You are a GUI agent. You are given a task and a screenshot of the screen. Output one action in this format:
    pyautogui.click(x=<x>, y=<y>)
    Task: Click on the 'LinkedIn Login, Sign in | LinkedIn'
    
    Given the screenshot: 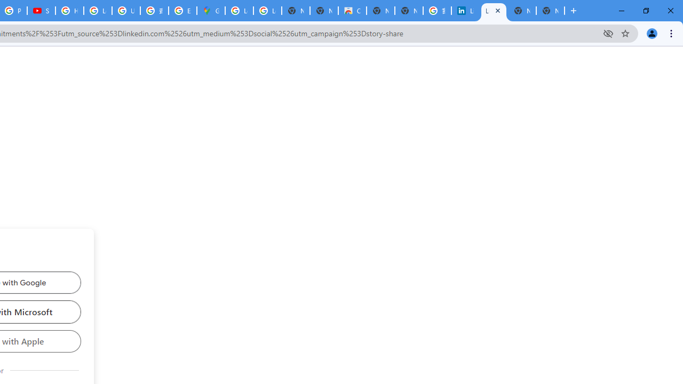 What is the action you would take?
    pyautogui.click(x=493, y=11)
    